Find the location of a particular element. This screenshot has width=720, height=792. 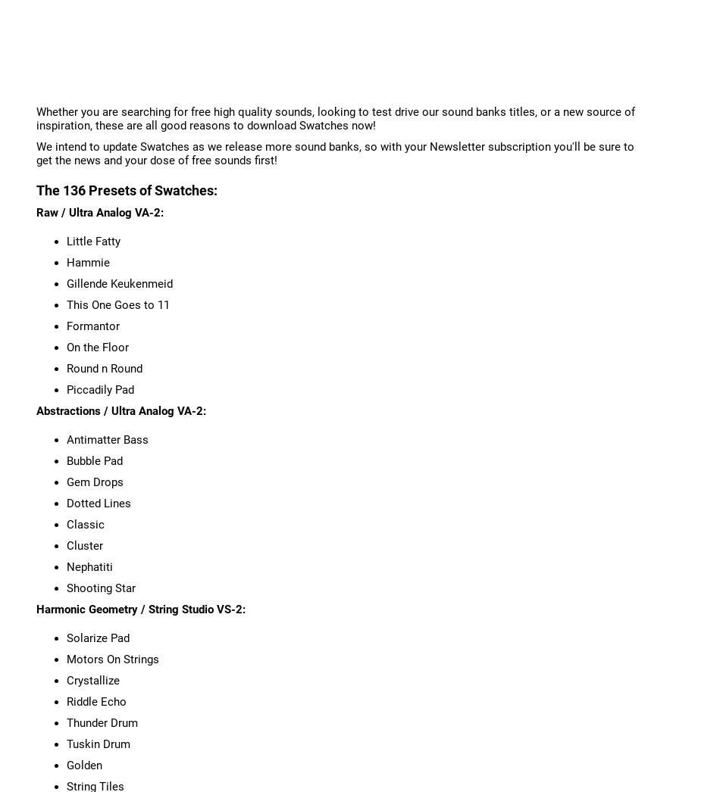

'Tuskin Drum' is located at coordinates (98, 742).